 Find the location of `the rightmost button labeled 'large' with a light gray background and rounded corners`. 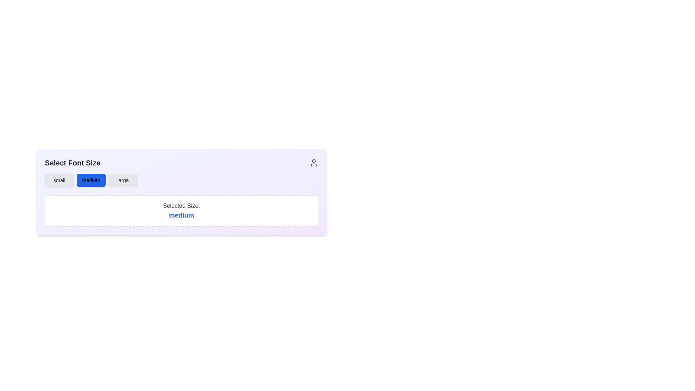

the rightmost button labeled 'large' with a light gray background and rounded corners is located at coordinates (123, 180).